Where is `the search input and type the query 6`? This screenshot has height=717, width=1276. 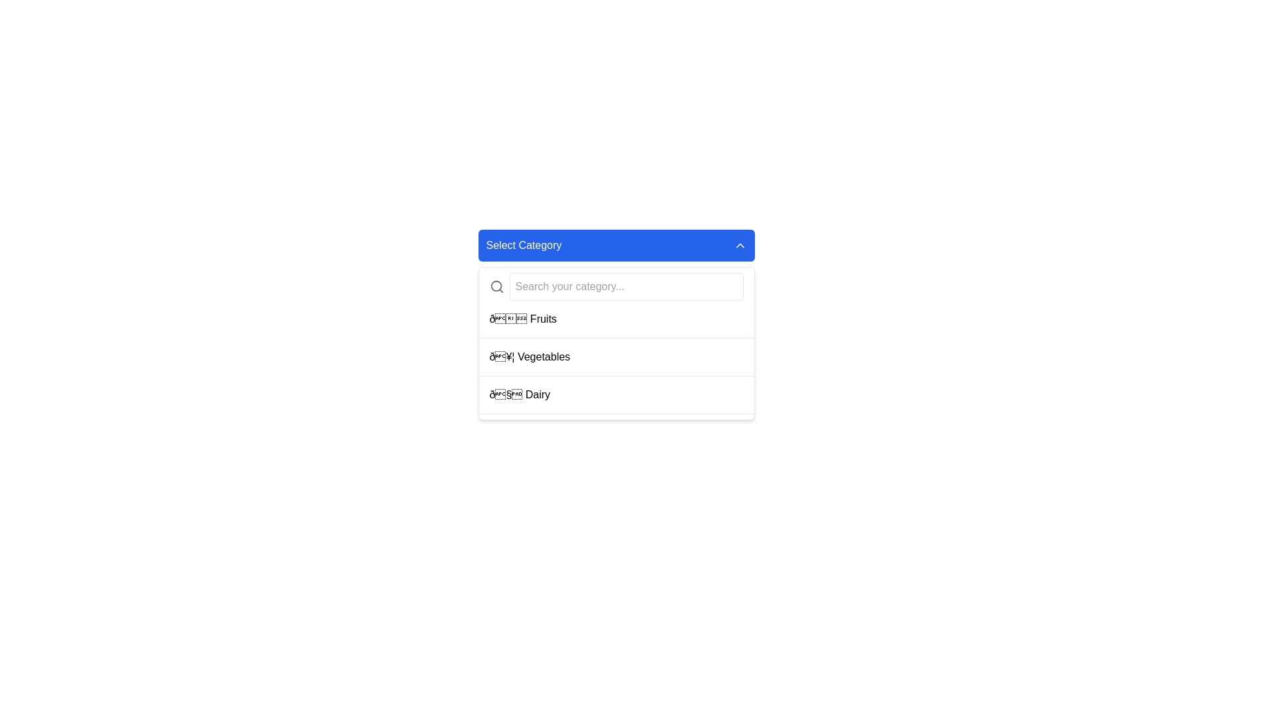
the search input and type the query 6 is located at coordinates (615, 286).